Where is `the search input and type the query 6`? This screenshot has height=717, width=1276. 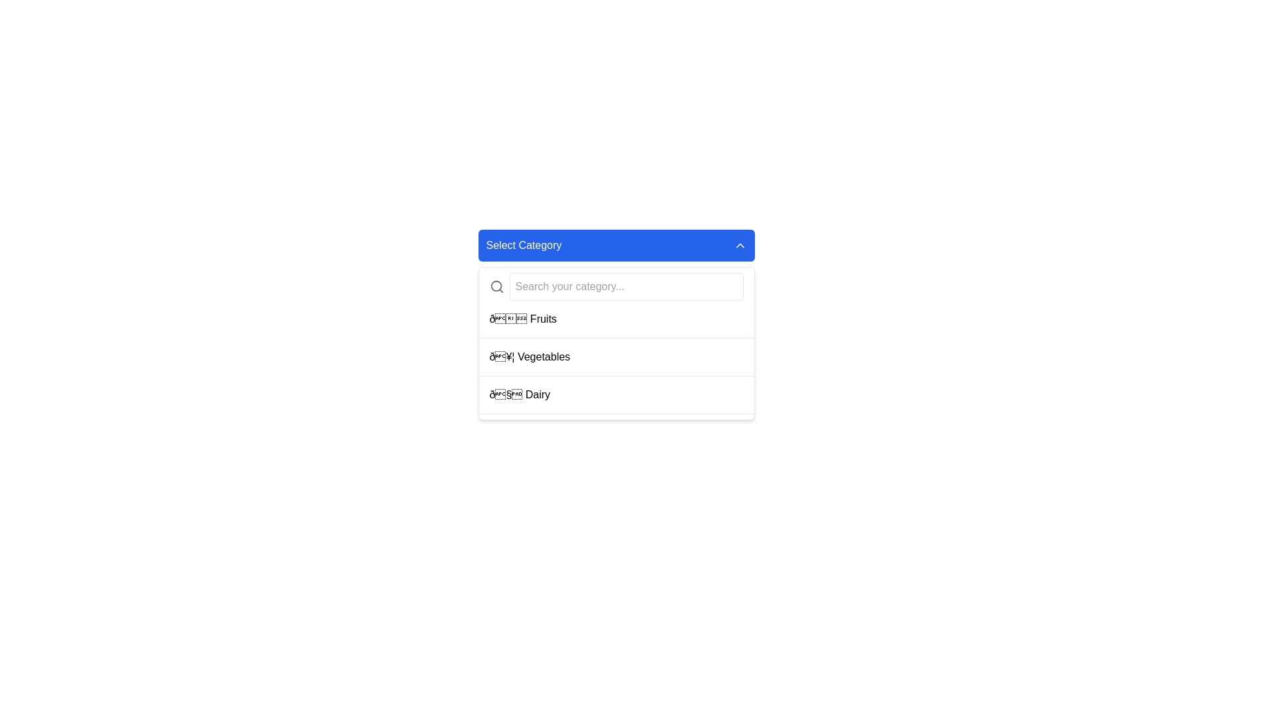
the search input and type the query 6 is located at coordinates (615, 286).